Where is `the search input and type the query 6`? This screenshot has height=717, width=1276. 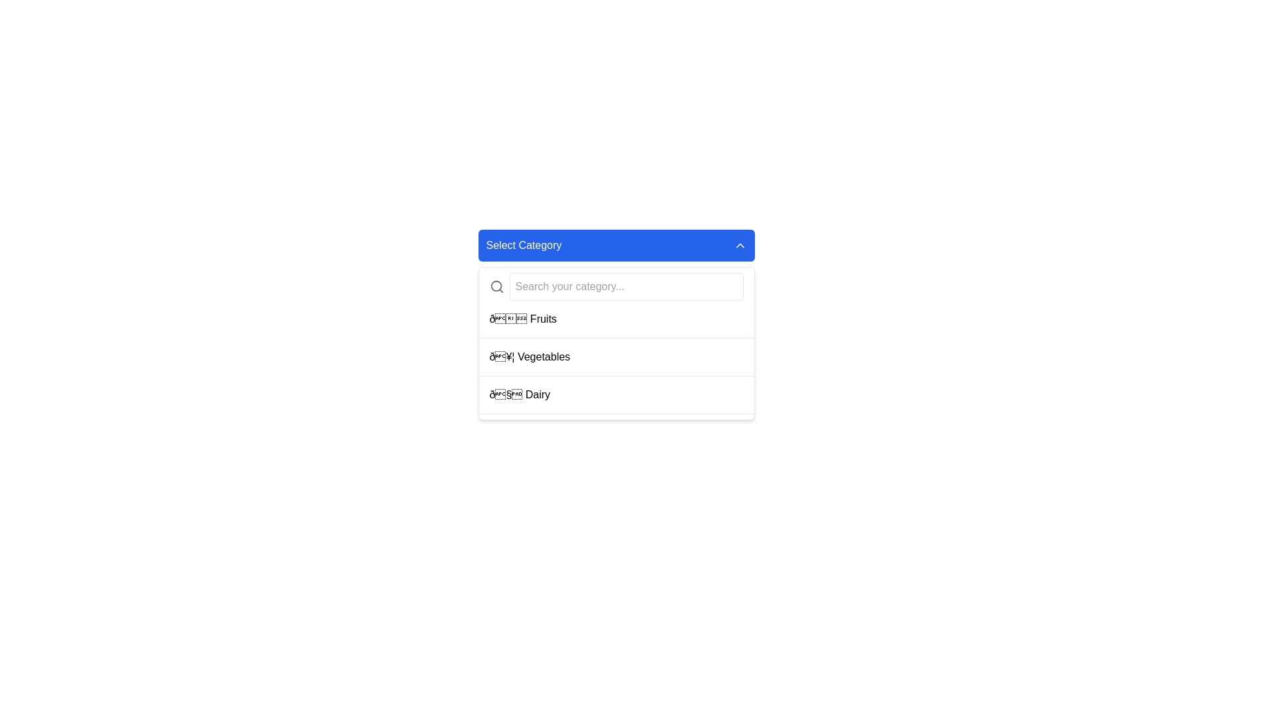
the search input and type the query 6 is located at coordinates (615, 286).